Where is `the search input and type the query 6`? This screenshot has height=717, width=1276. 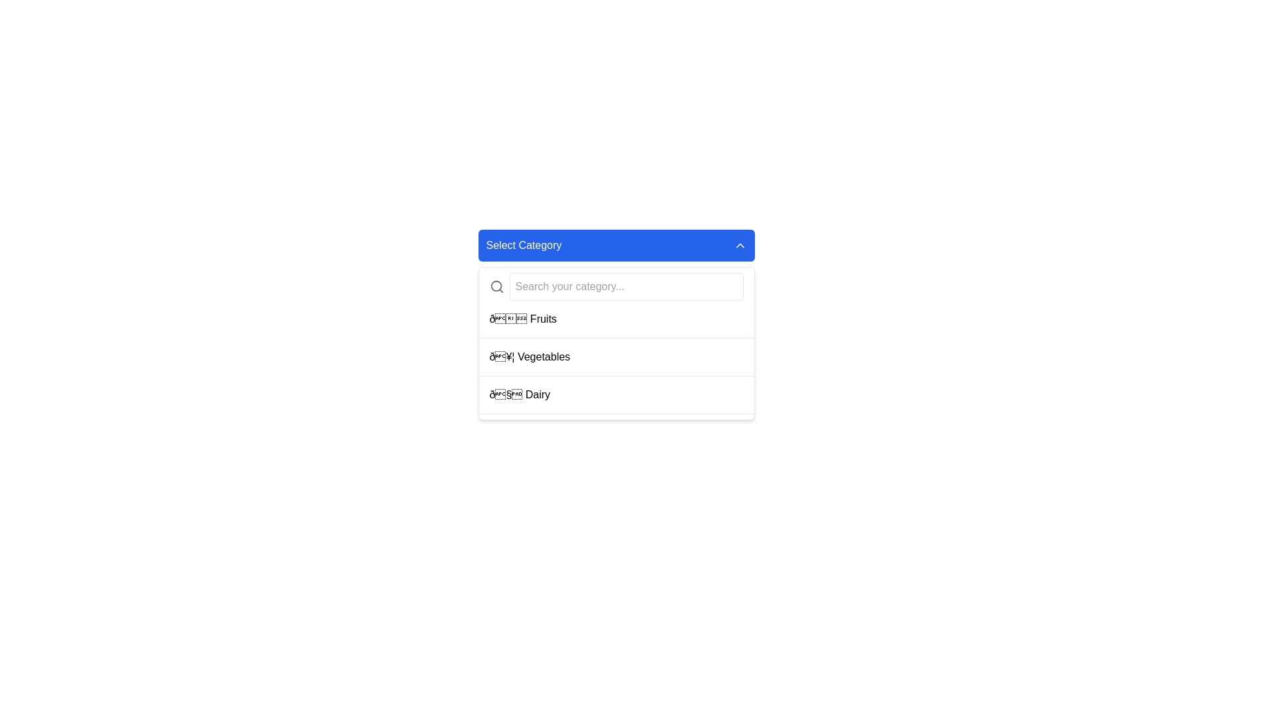
the search input and type the query 6 is located at coordinates (615, 286).